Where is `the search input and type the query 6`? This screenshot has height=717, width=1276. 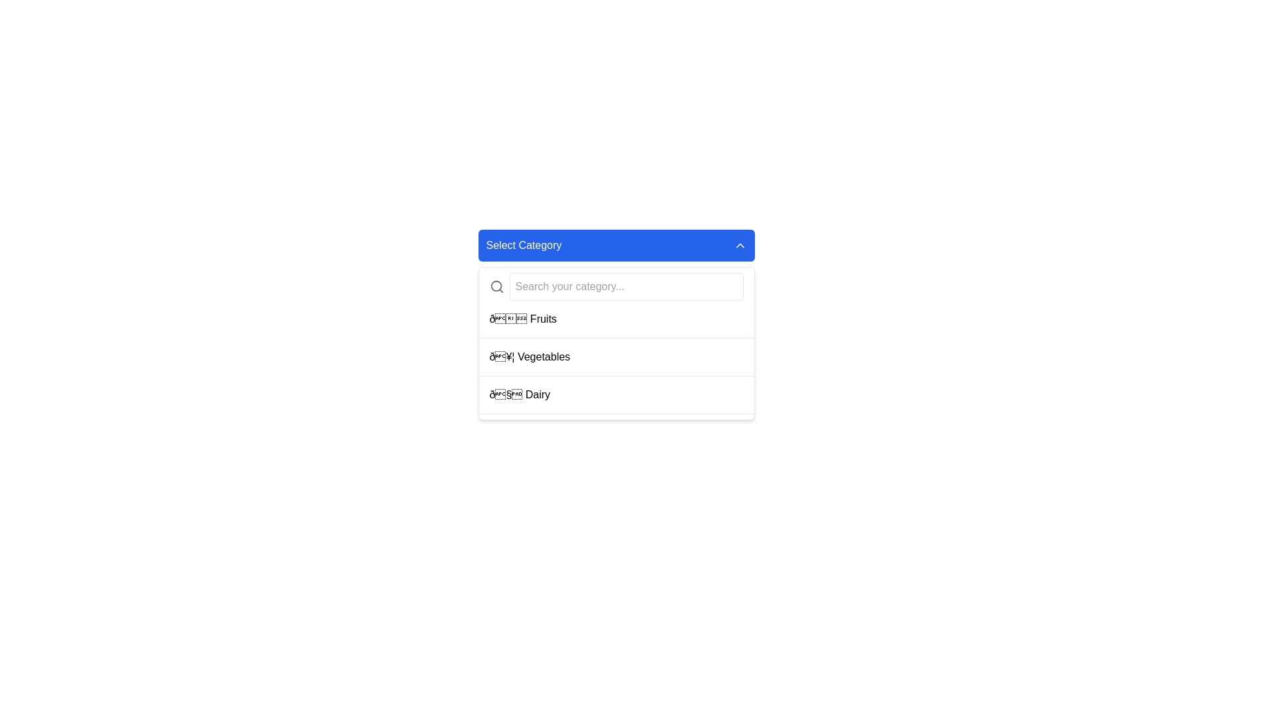
the search input and type the query 6 is located at coordinates (615, 286).